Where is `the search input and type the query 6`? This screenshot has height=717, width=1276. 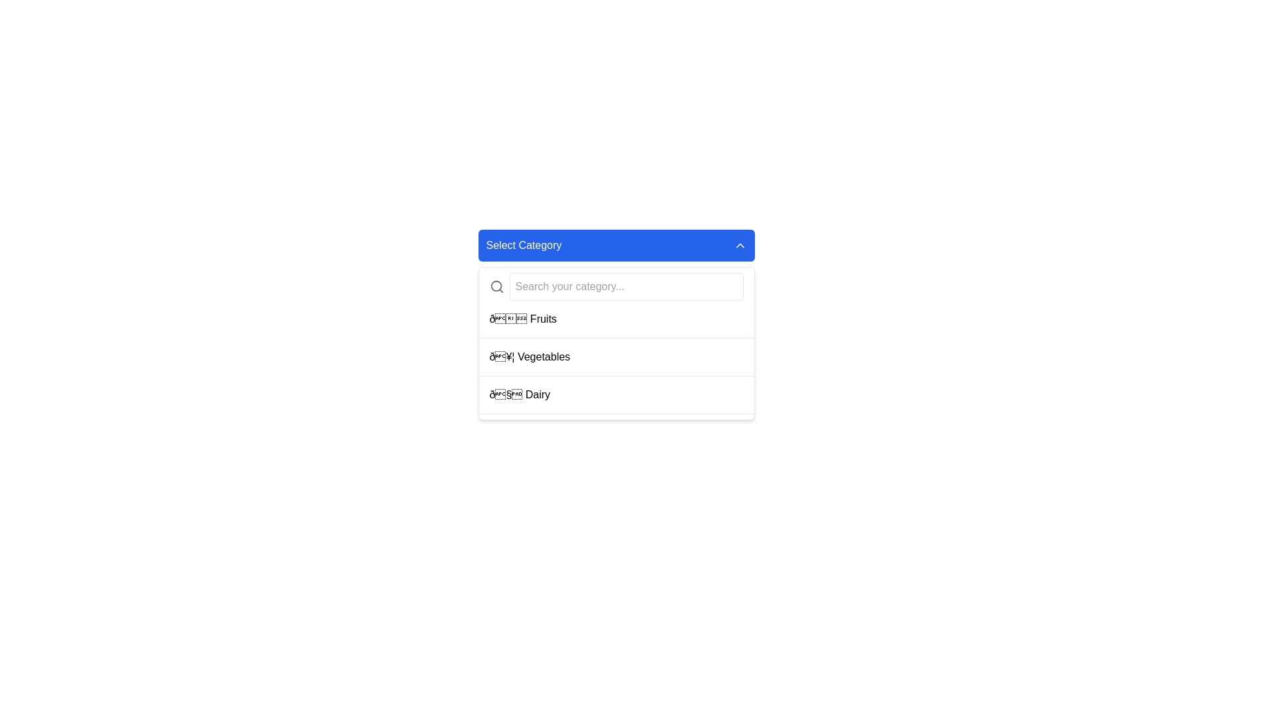
the search input and type the query 6 is located at coordinates (615, 286).